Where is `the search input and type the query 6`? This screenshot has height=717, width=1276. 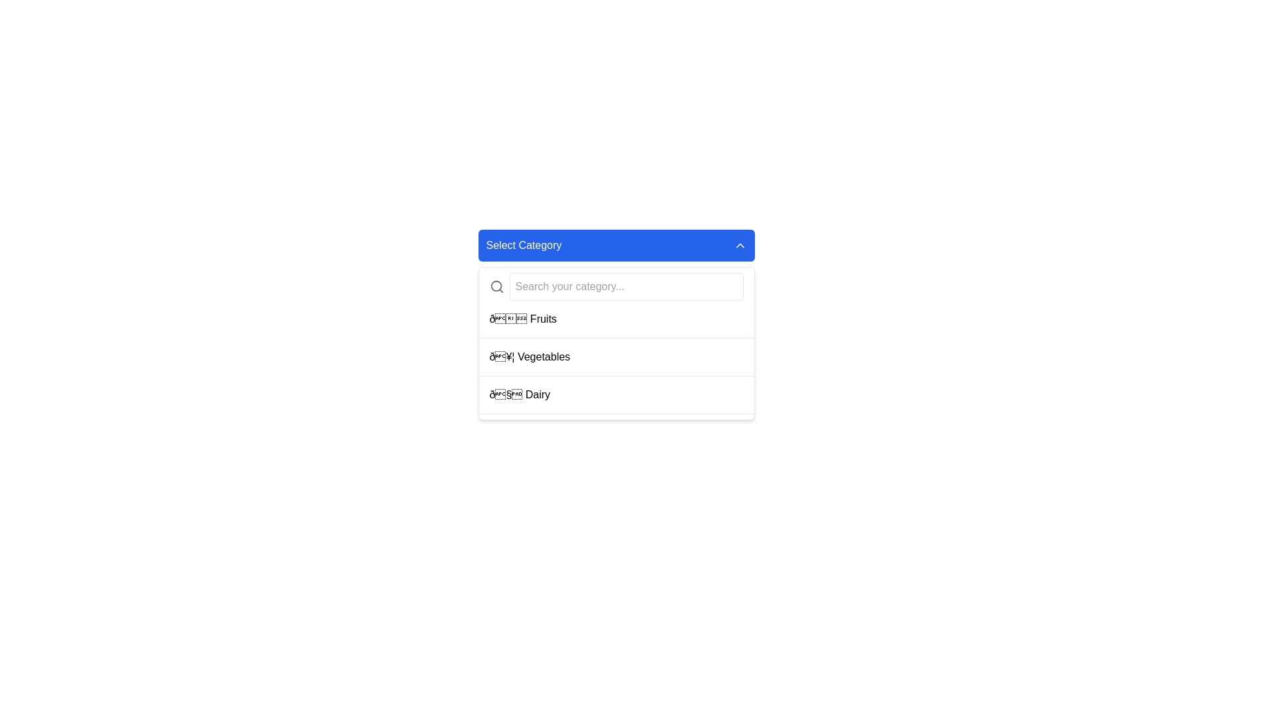
the search input and type the query 6 is located at coordinates (615, 286).